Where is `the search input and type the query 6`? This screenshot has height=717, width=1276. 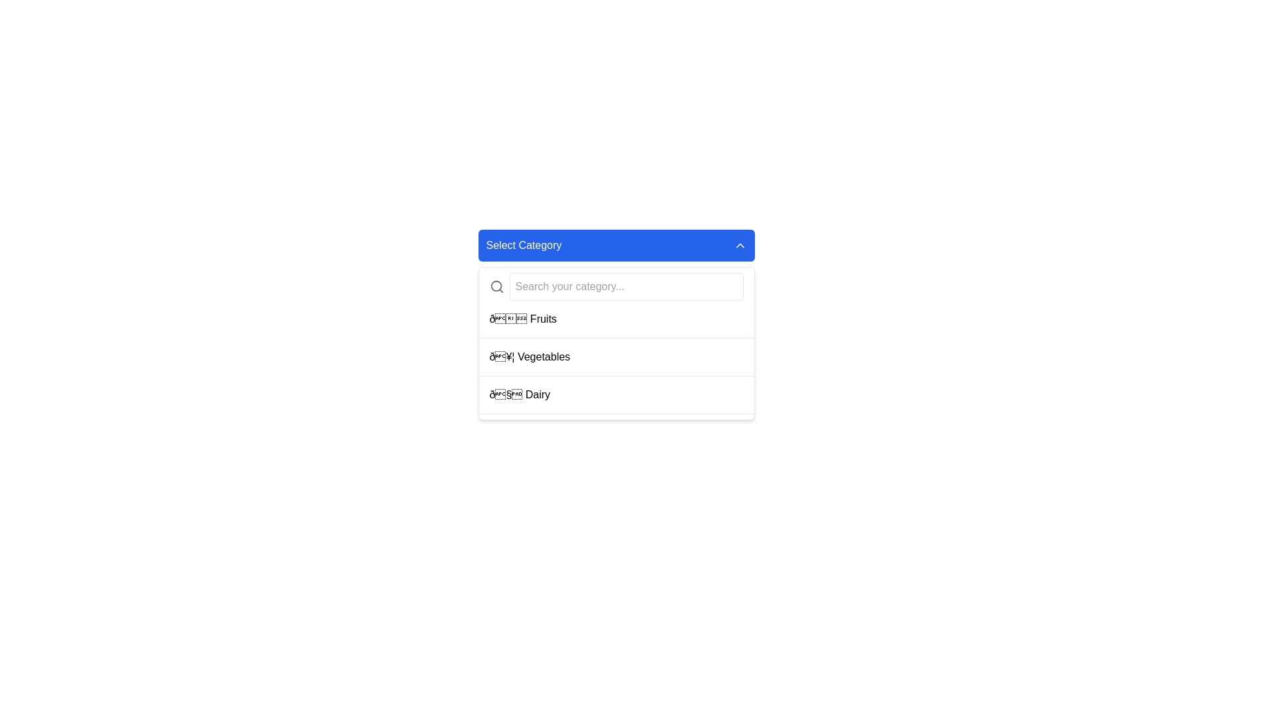
the search input and type the query 6 is located at coordinates (615, 286).